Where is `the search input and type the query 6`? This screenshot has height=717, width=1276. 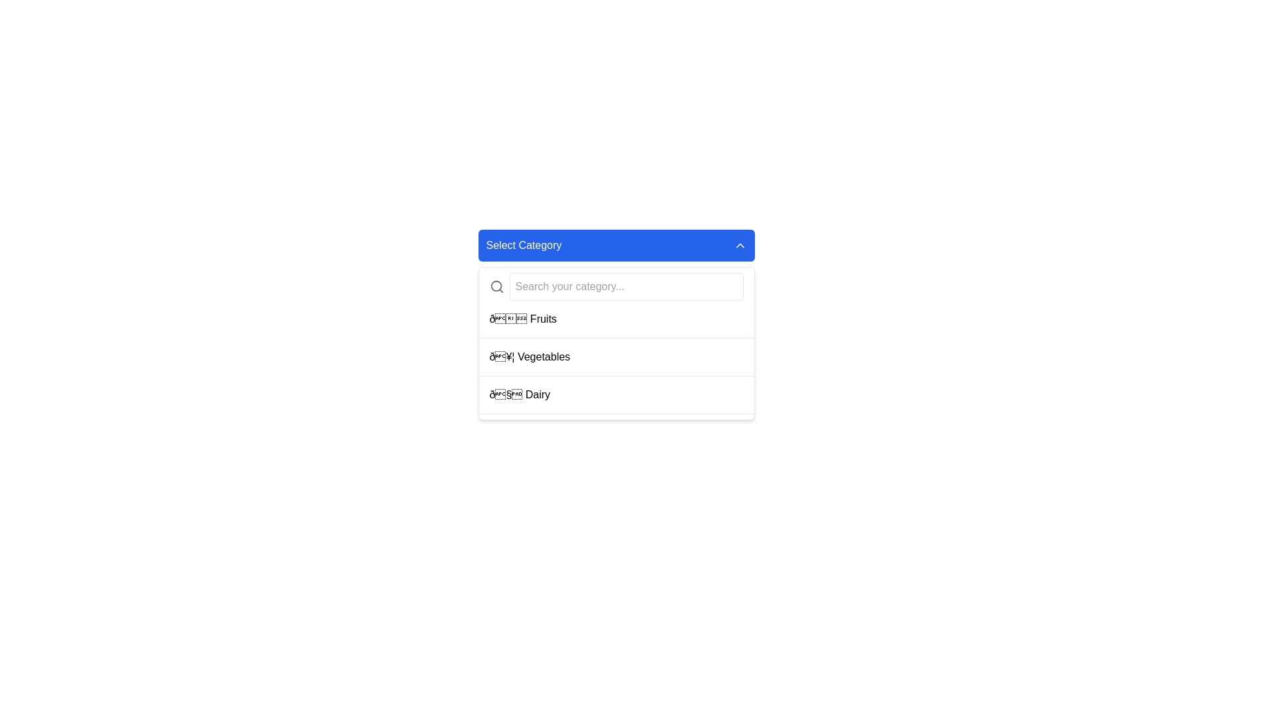
the search input and type the query 6 is located at coordinates (615, 286).